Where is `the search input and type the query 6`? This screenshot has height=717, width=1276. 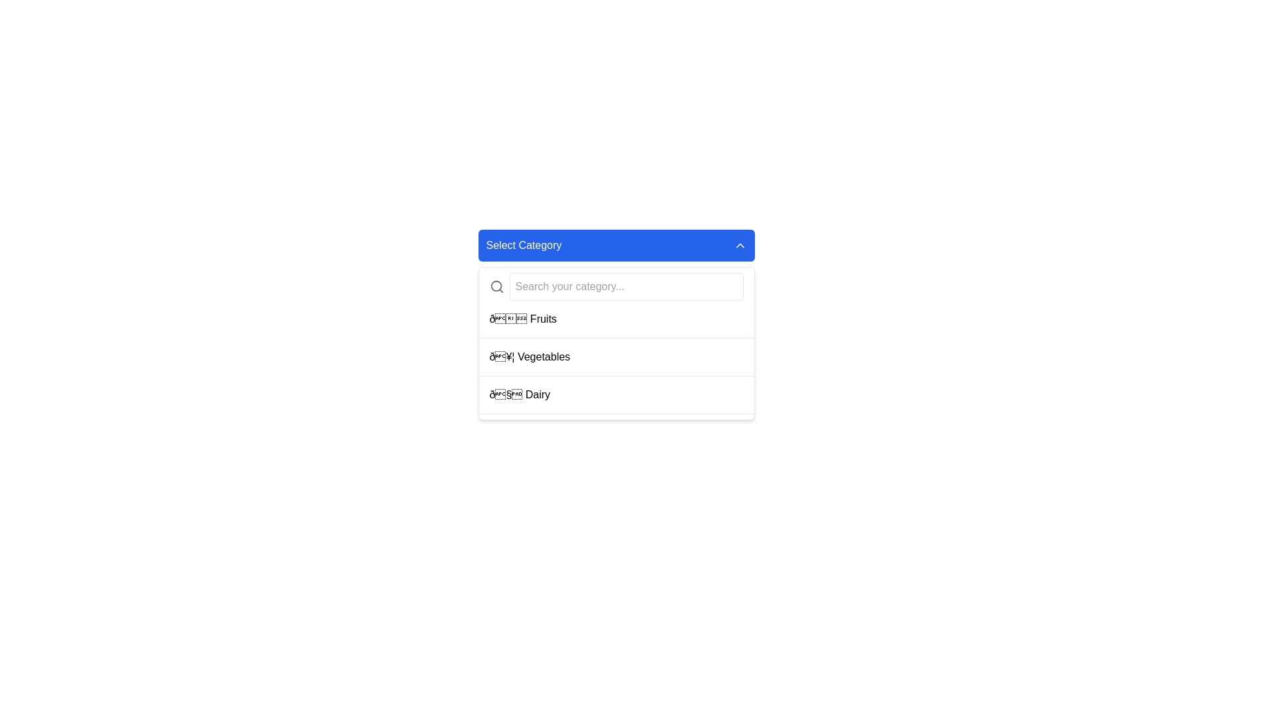
the search input and type the query 6 is located at coordinates (615, 286).